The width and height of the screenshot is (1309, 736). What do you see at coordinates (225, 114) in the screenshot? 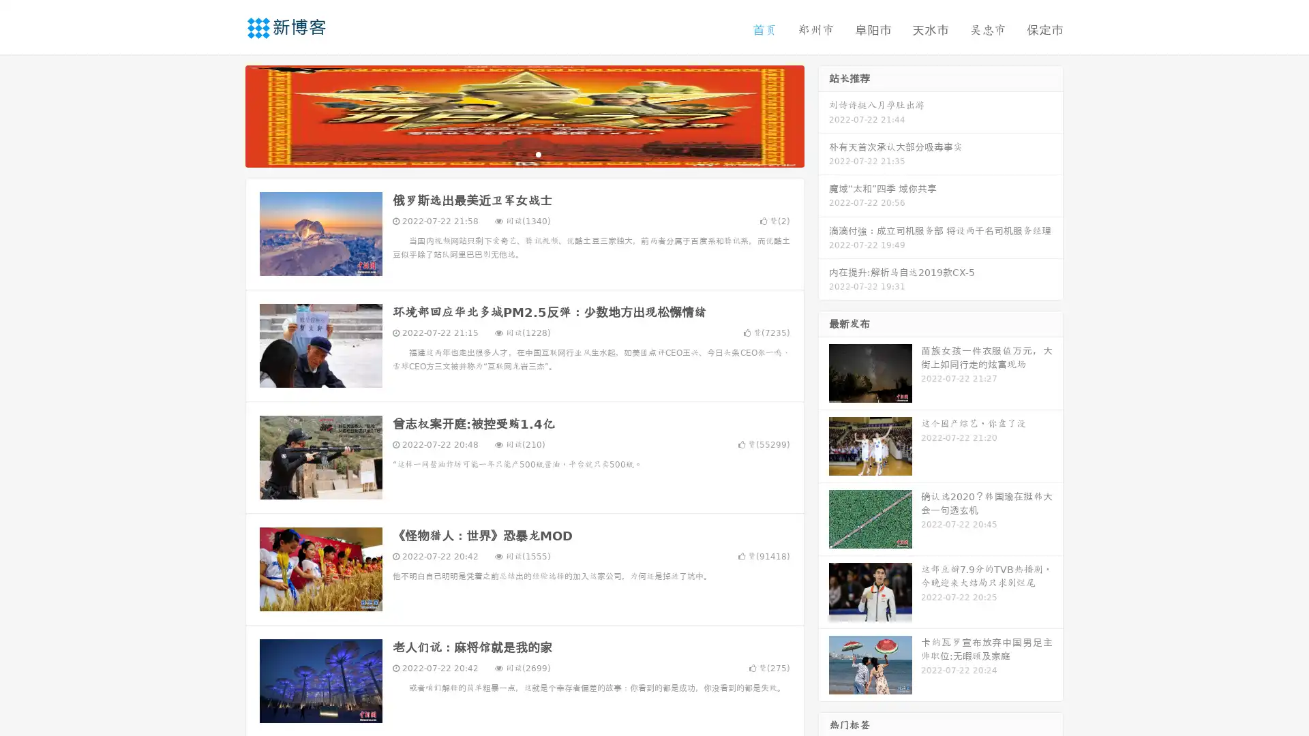
I see `Previous slide` at bounding box center [225, 114].